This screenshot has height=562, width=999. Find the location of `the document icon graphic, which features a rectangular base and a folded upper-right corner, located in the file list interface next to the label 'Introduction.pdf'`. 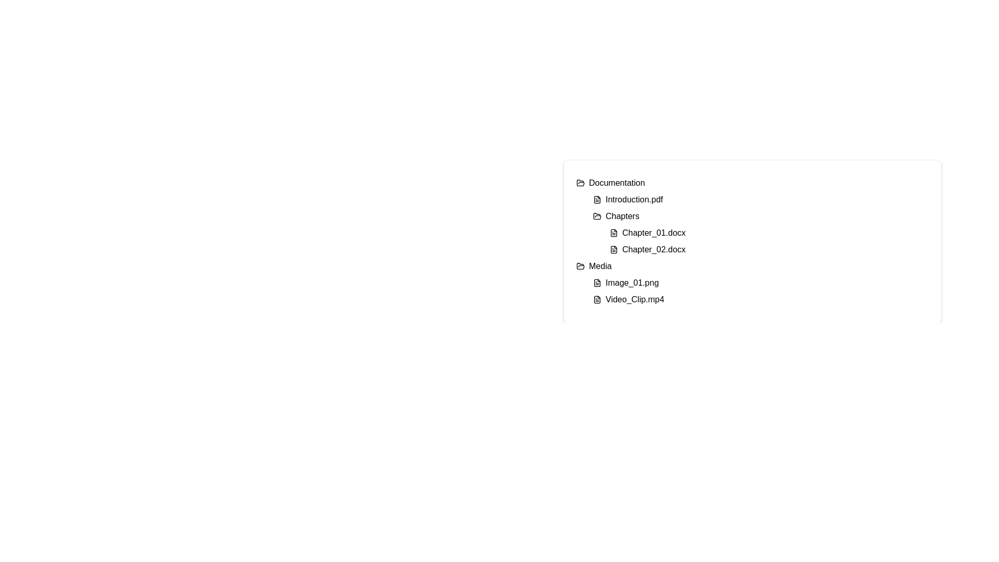

the document icon graphic, which features a rectangular base and a folded upper-right corner, located in the file list interface next to the label 'Introduction.pdf' is located at coordinates (597, 200).